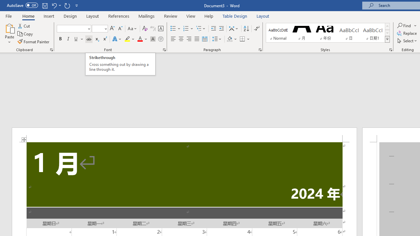 This screenshot has width=420, height=236. What do you see at coordinates (139, 39) in the screenshot?
I see `'Font Color RGB(255, 0, 0)'` at bounding box center [139, 39].